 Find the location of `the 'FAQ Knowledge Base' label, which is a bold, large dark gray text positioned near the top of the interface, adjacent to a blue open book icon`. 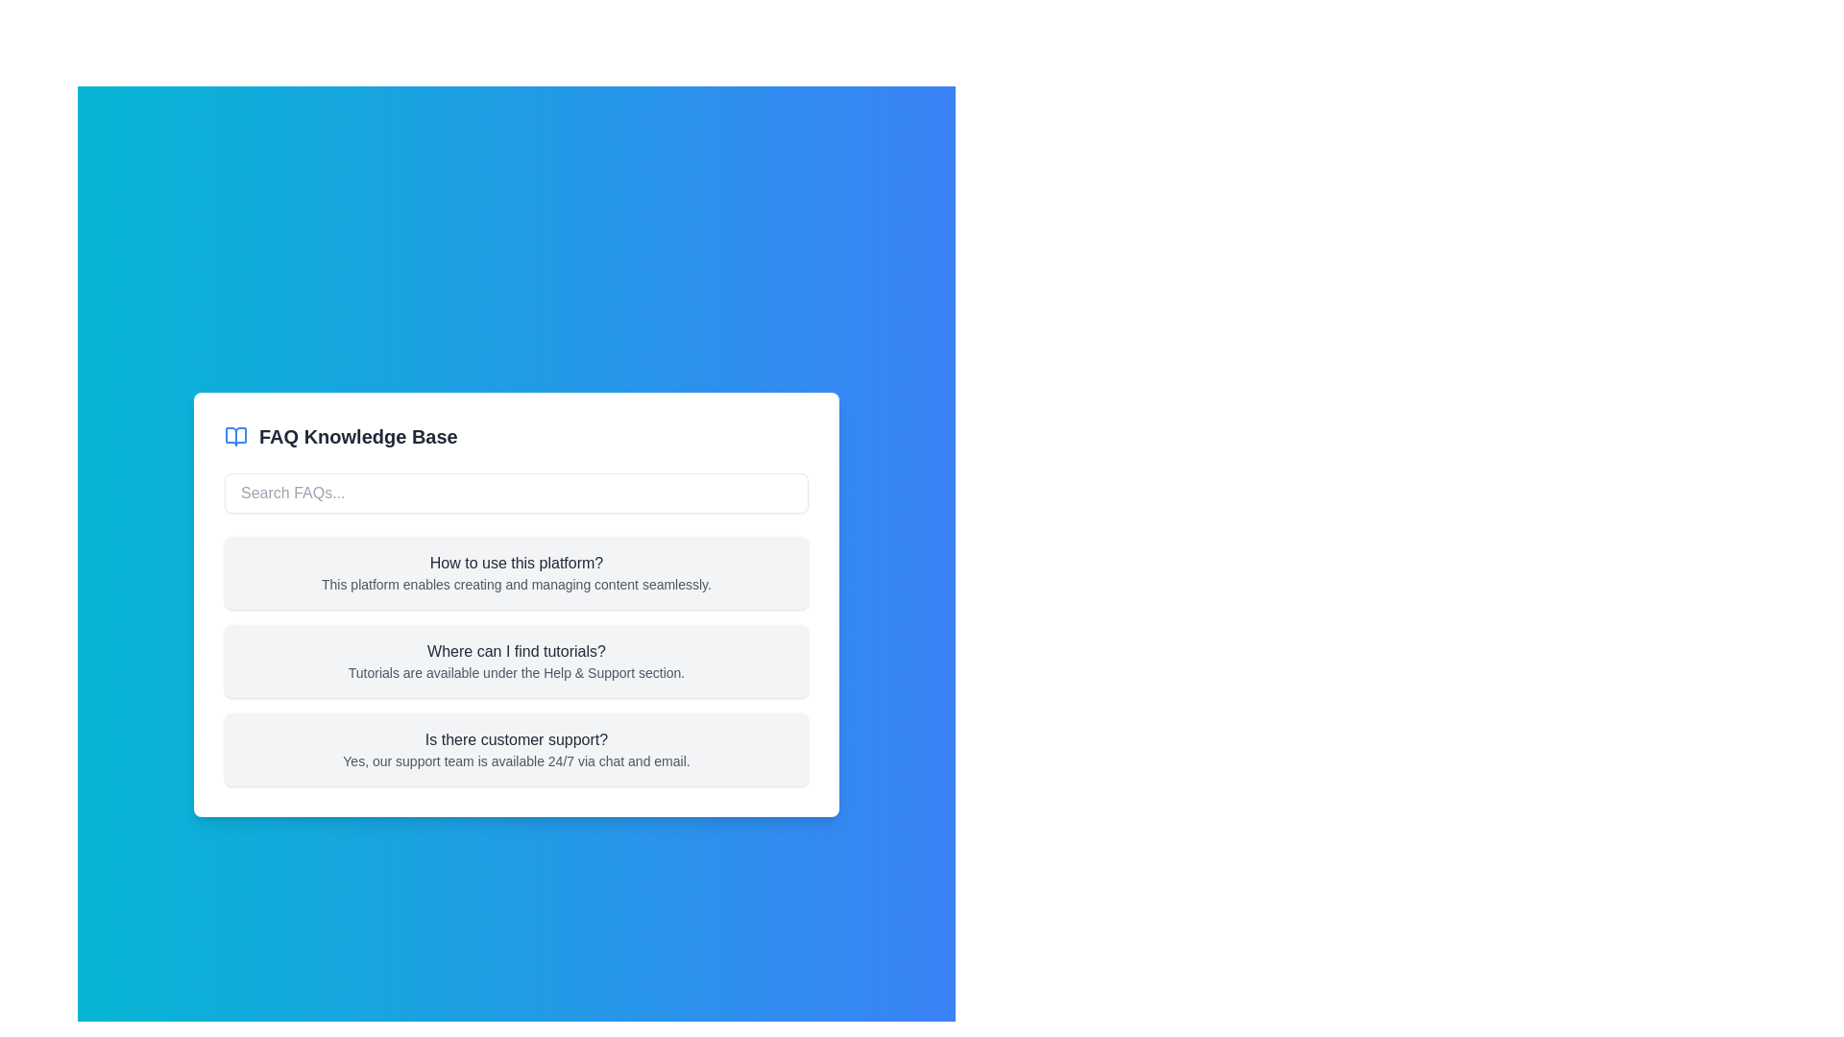

the 'FAQ Knowledge Base' label, which is a bold, large dark gray text positioned near the top of the interface, adjacent to a blue open book icon is located at coordinates (358, 437).